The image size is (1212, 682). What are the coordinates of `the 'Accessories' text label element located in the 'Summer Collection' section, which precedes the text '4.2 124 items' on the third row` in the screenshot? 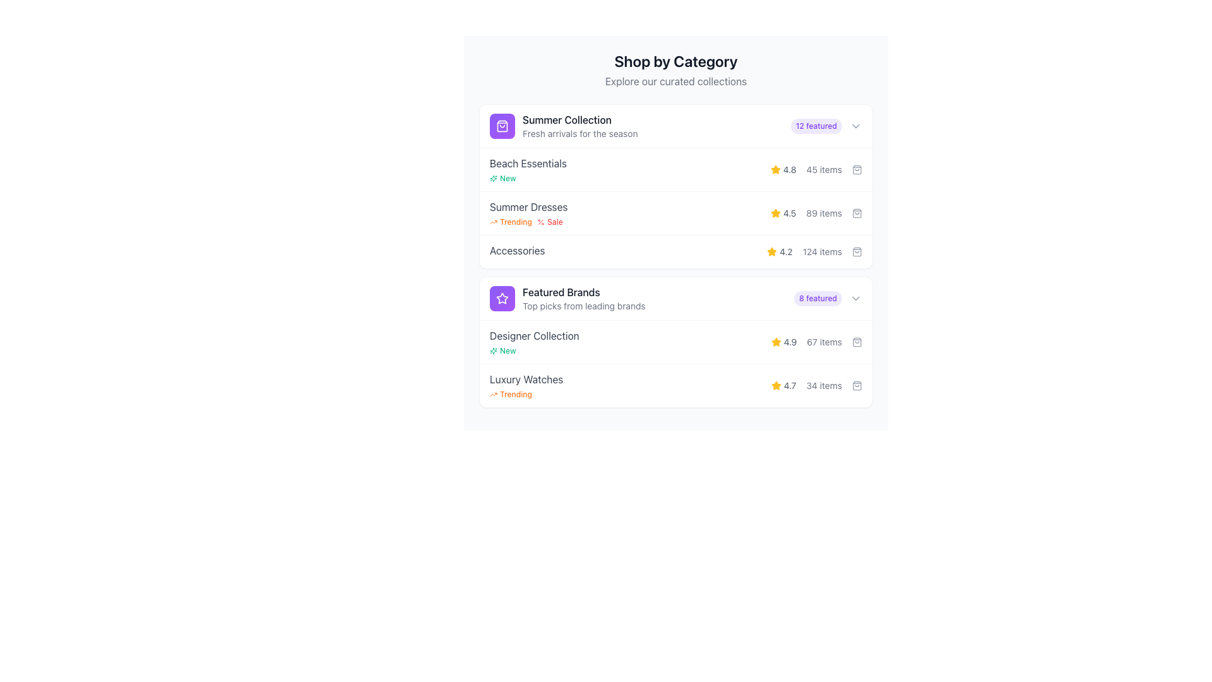 It's located at (517, 251).